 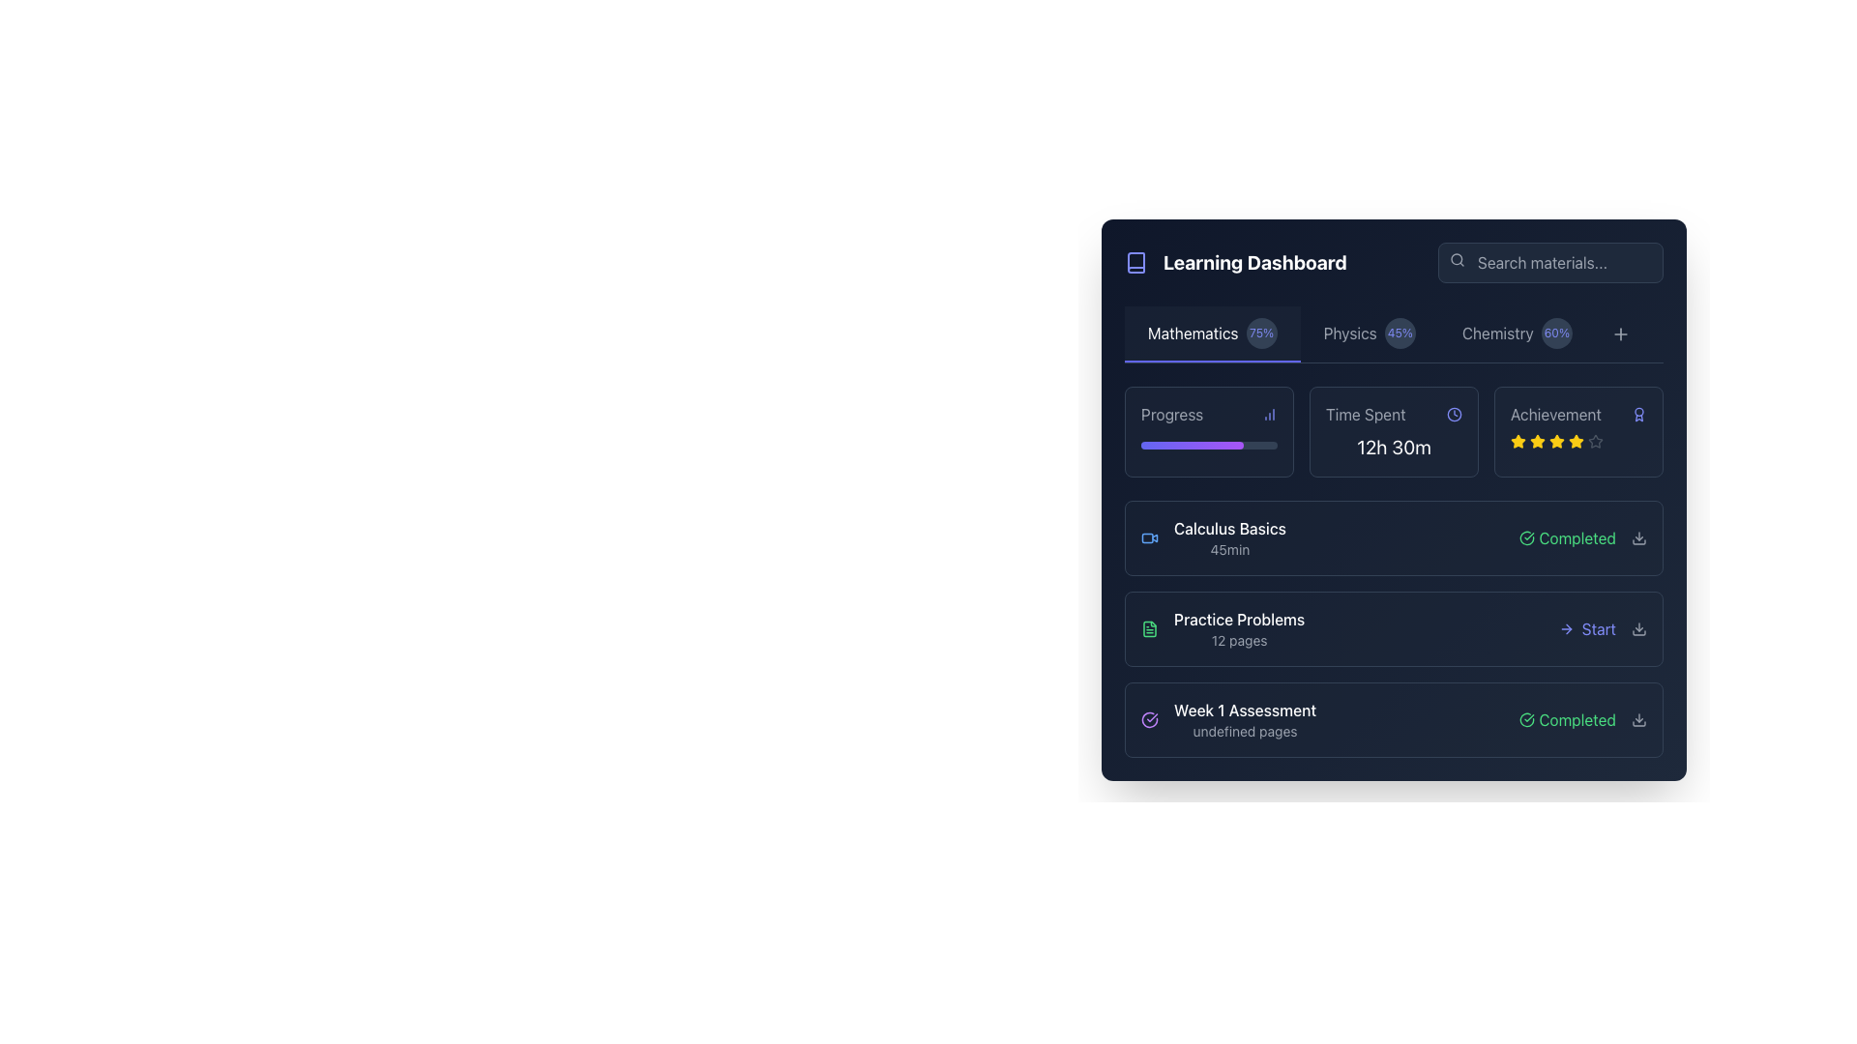 I want to click on the position of the text label displaying 'Week 1 Assessment', which is styled in a medium-weight font with white color against a dark background, located at the top of the group in the 'Learning Dashboard' section, so click(x=1245, y=710).